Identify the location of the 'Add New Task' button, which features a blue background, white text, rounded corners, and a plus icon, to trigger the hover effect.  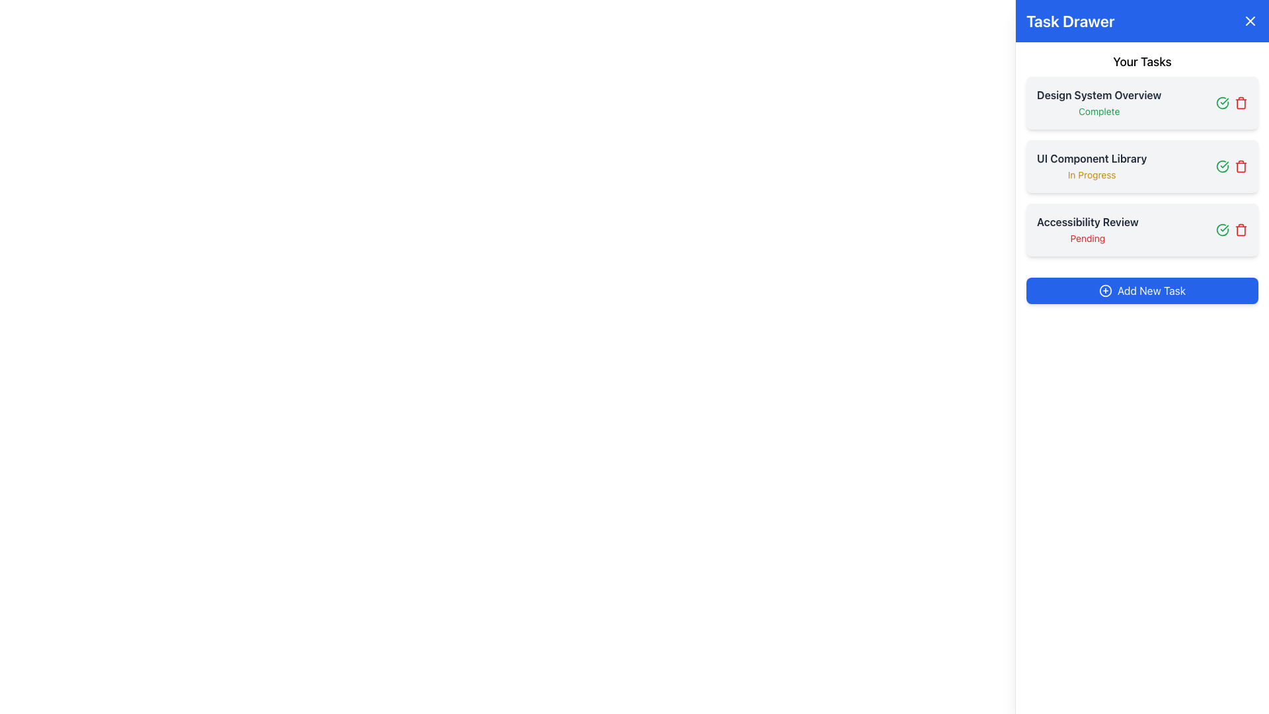
(1141, 290).